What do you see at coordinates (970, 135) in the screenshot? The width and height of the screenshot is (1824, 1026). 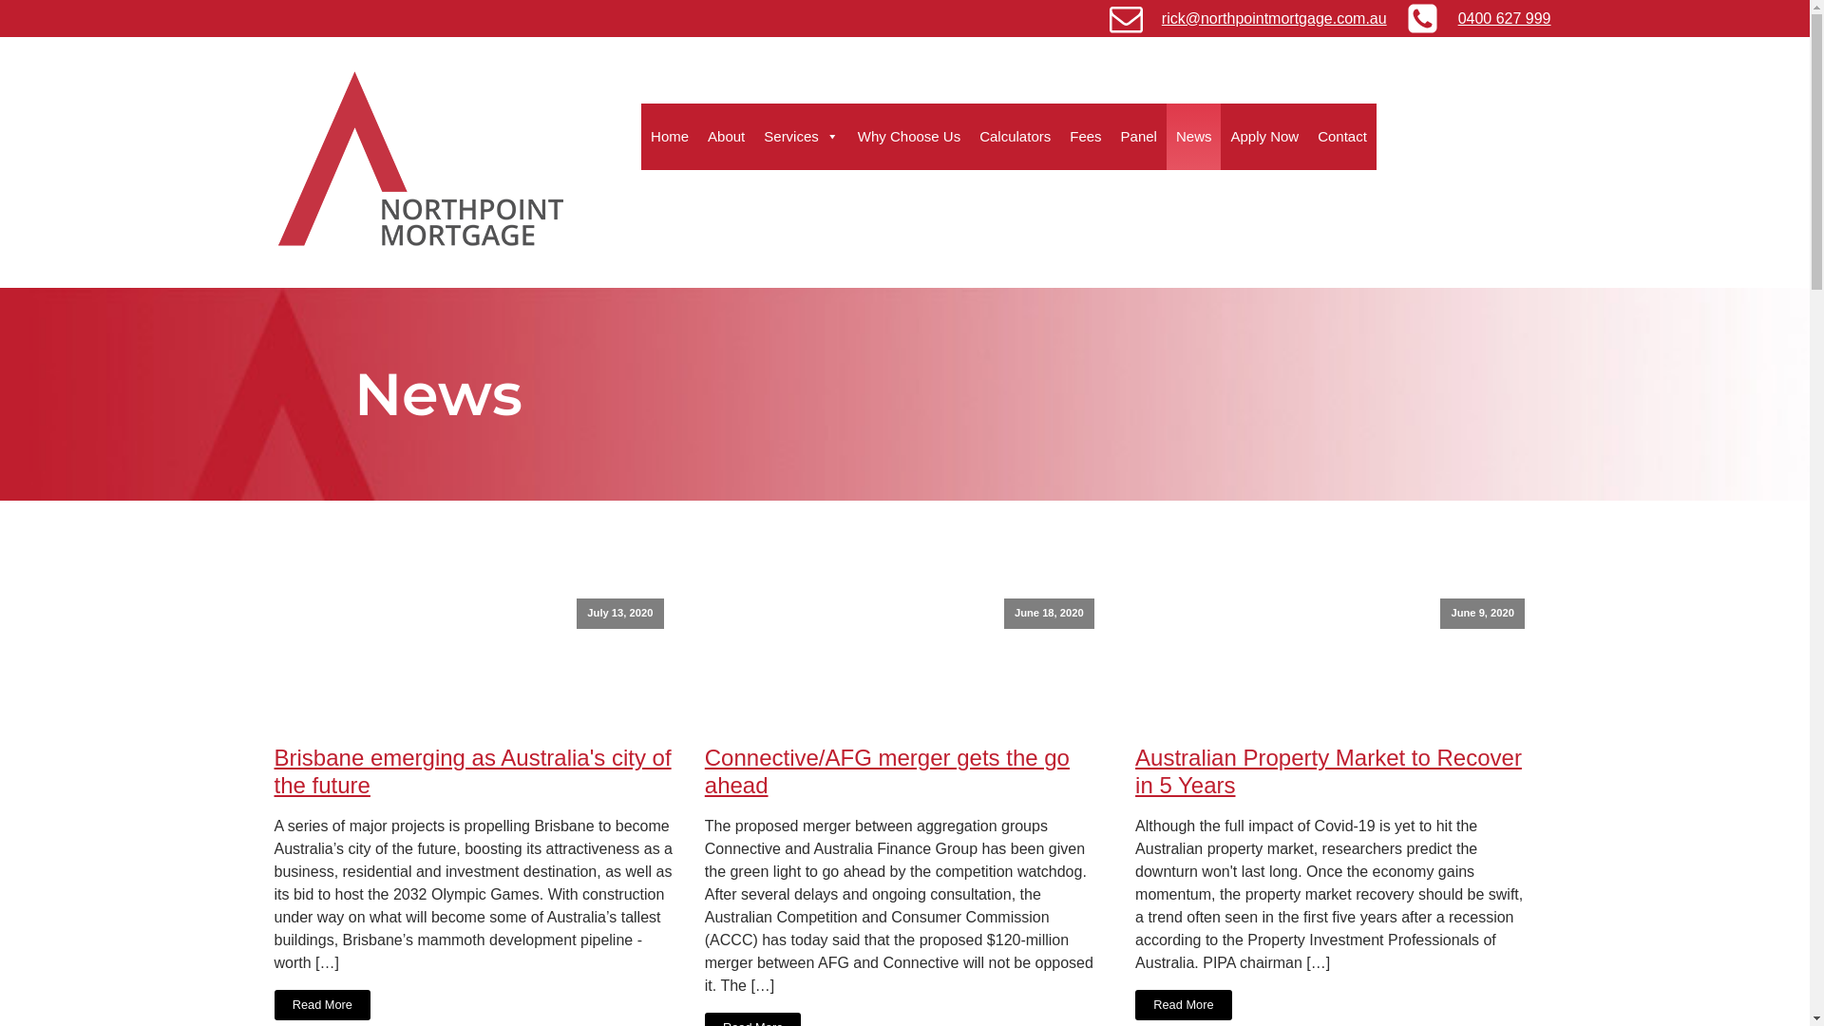 I see `'Calculators'` at bounding box center [970, 135].